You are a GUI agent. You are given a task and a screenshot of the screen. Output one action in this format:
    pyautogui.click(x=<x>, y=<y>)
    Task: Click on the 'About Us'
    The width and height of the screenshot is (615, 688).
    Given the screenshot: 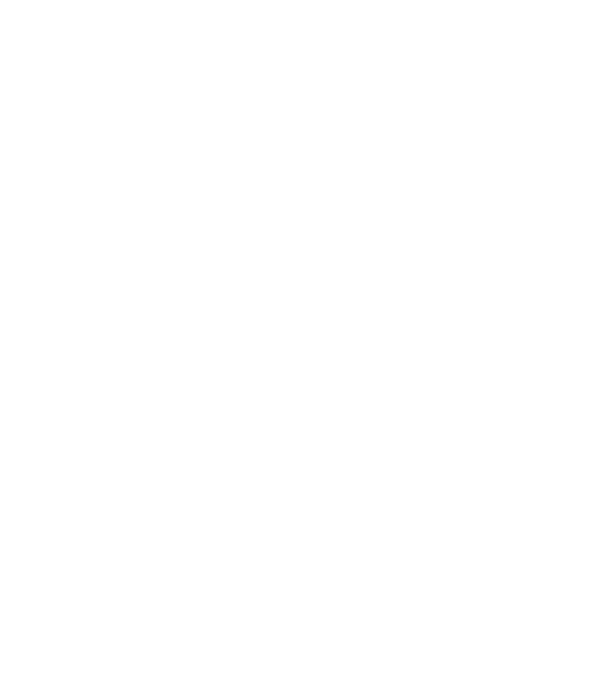 What is the action you would take?
    pyautogui.click(x=284, y=448)
    